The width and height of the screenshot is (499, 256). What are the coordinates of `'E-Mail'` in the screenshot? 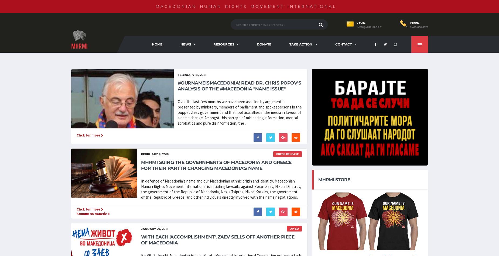 It's located at (360, 23).